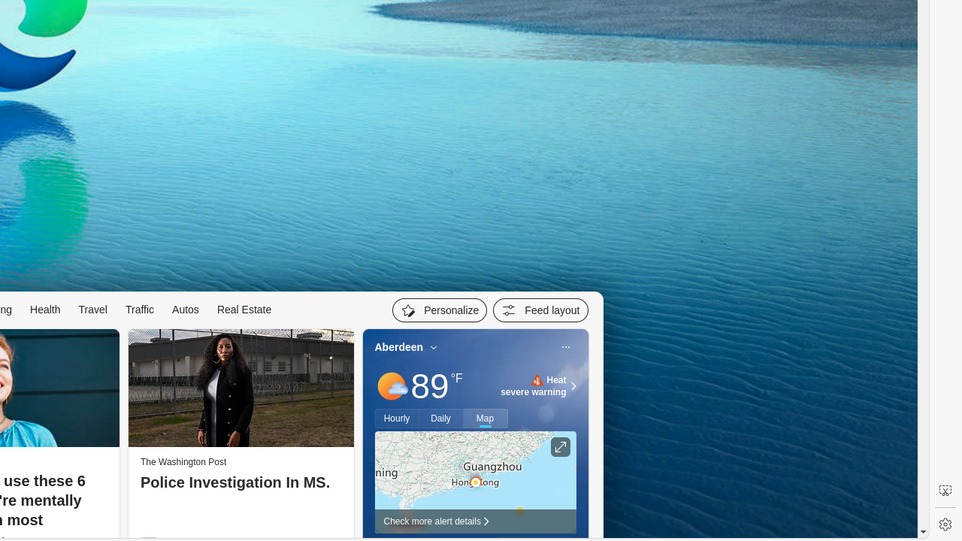 This screenshot has height=541, width=962. I want to click on 'Click to see more information', so click(559, 446).